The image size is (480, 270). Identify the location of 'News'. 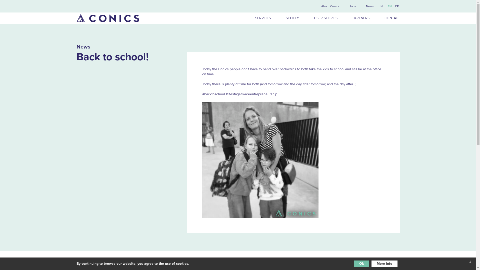
(369, 6).